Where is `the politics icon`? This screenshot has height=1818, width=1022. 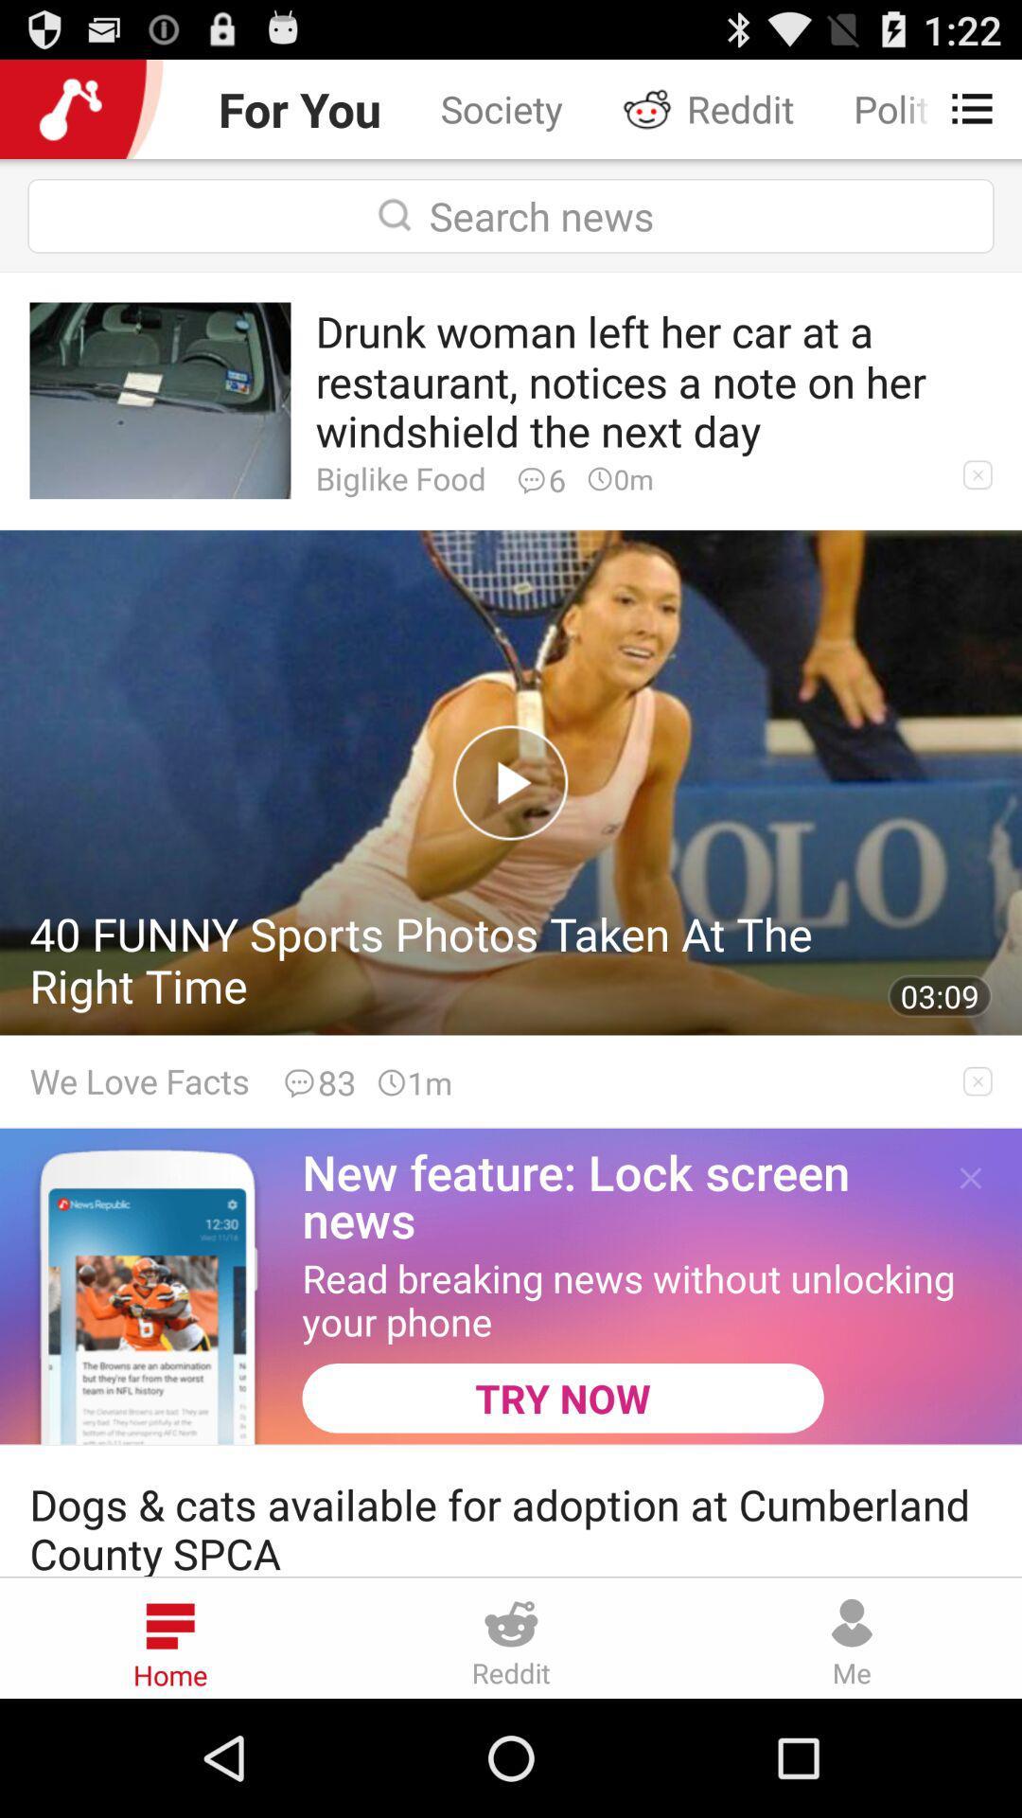 the politics icon is located at coordinates (886, 108).